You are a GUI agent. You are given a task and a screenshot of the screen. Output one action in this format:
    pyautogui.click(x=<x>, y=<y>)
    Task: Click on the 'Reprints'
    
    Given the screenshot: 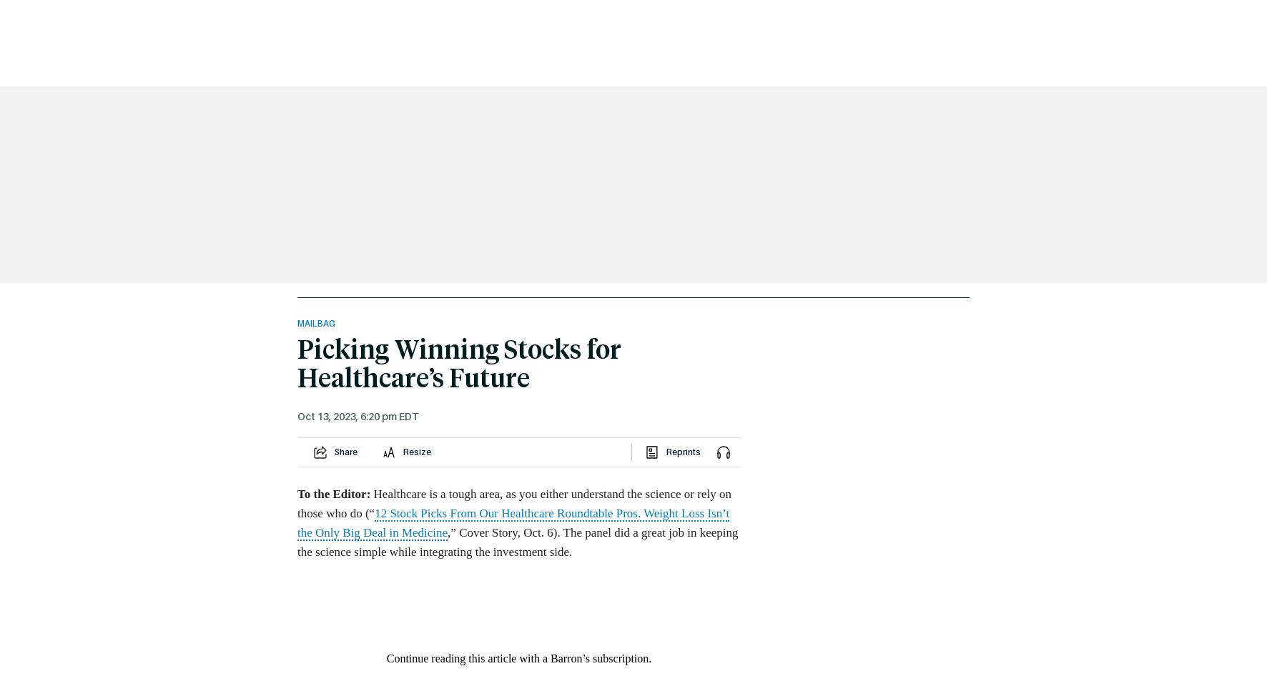 What is the action you would take?
    pyautogui.click(x=682, y=452)
    